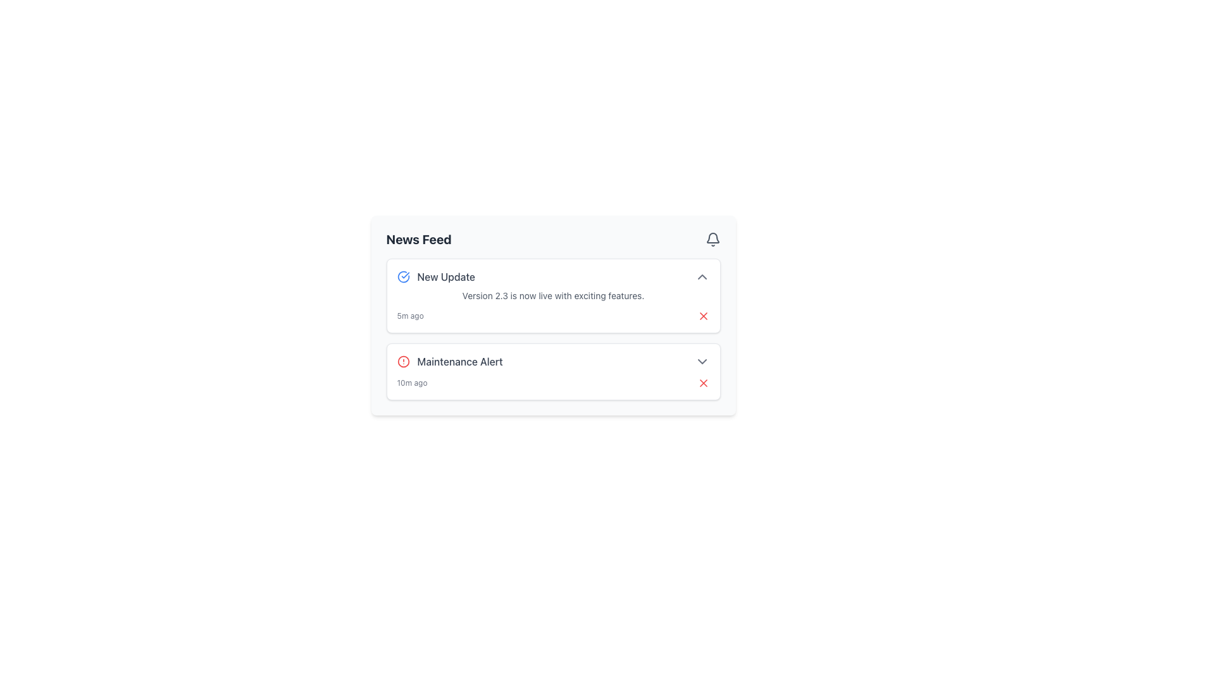 The image size is (1215, 683). What do you see at coordinates (702, 382) in the screenshot?
I see `the red 'X' icon button` at bounding box center [702, 382].